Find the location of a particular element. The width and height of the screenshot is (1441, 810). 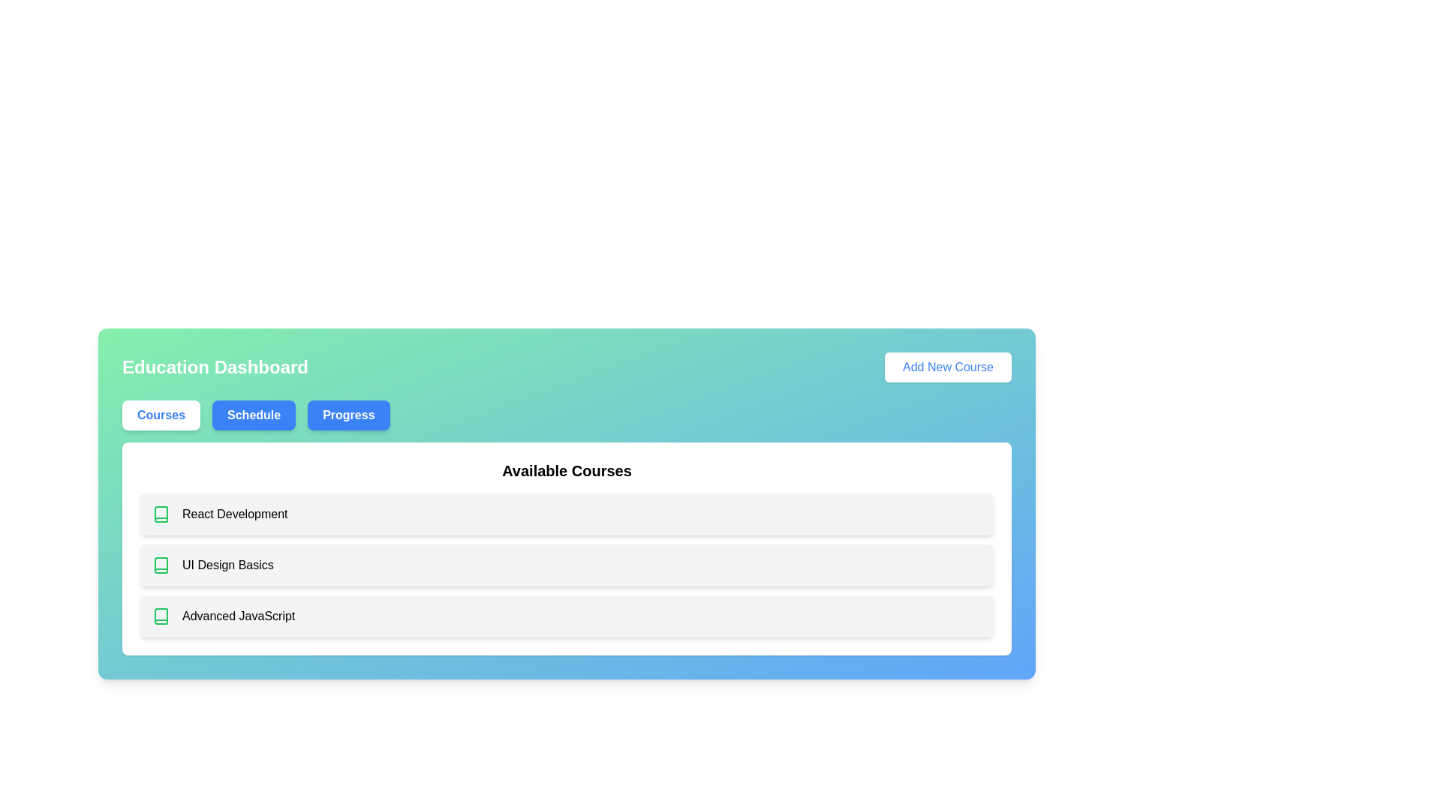

the rectangular button with a white background and blue text reading 'Courses' is located at coordinates (161, 415).